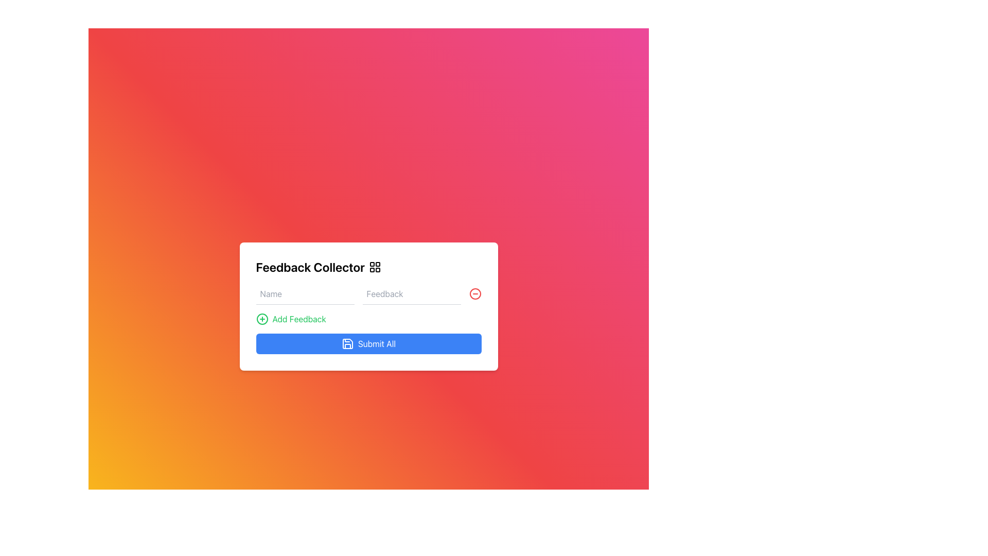 The image size is (988, 556). I want to click on the decorative graphical element that is part of the 'circle-minus' icon, located at the center of the circular shape, adjacent to the feedback input field, so click(474, 293).